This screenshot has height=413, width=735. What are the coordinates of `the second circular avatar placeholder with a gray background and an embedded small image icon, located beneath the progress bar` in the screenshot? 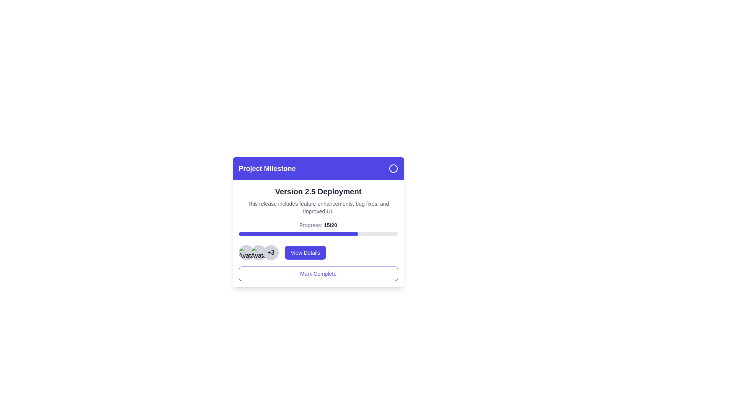 It's located at (258, 252).